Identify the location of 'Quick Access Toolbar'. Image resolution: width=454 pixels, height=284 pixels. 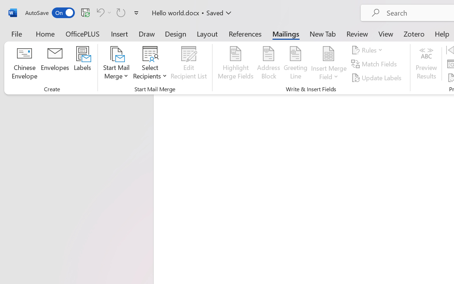
(83, 12).